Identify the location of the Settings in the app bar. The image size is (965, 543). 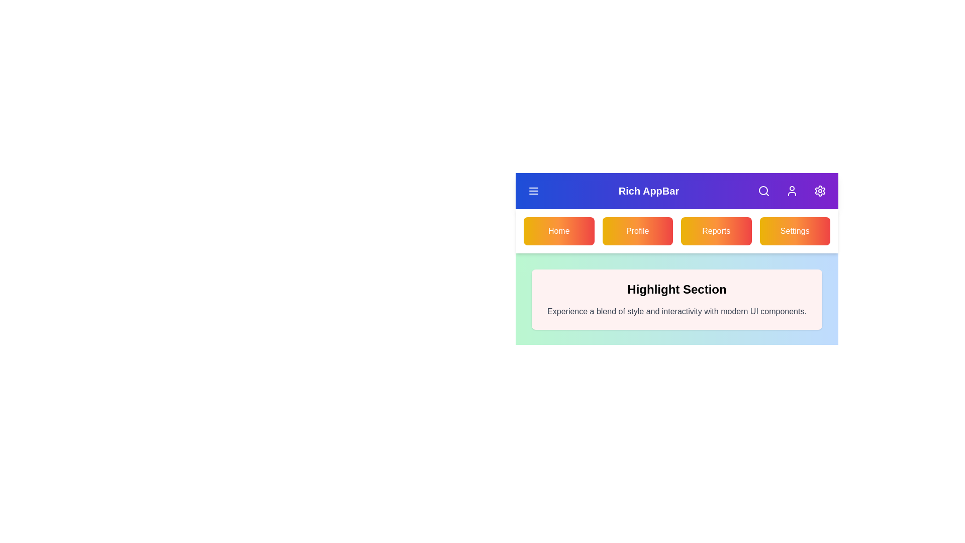
(820, 191).